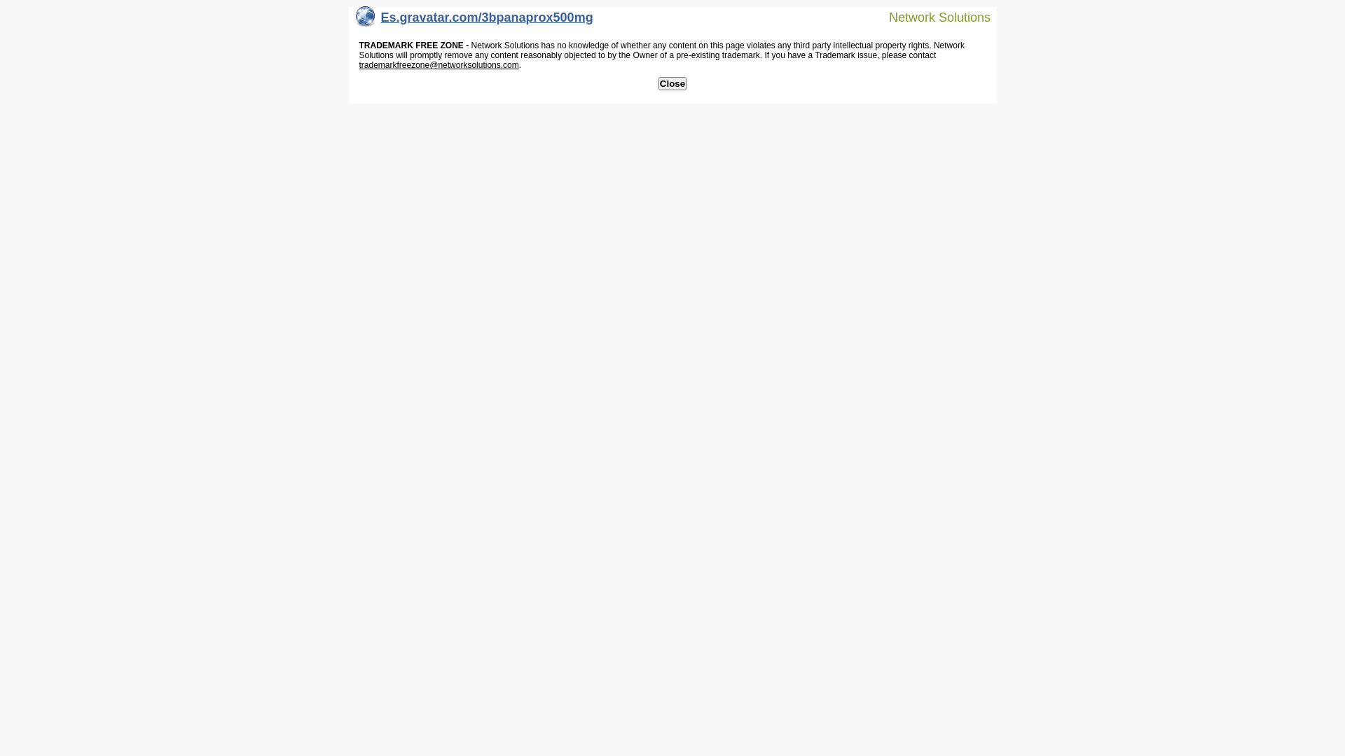 The height and width of the screenshot is (756, 1345). What do you see at coordinates (672, 83) in the screenshot?
I see `'Close'` at bounding box center [672, 83].